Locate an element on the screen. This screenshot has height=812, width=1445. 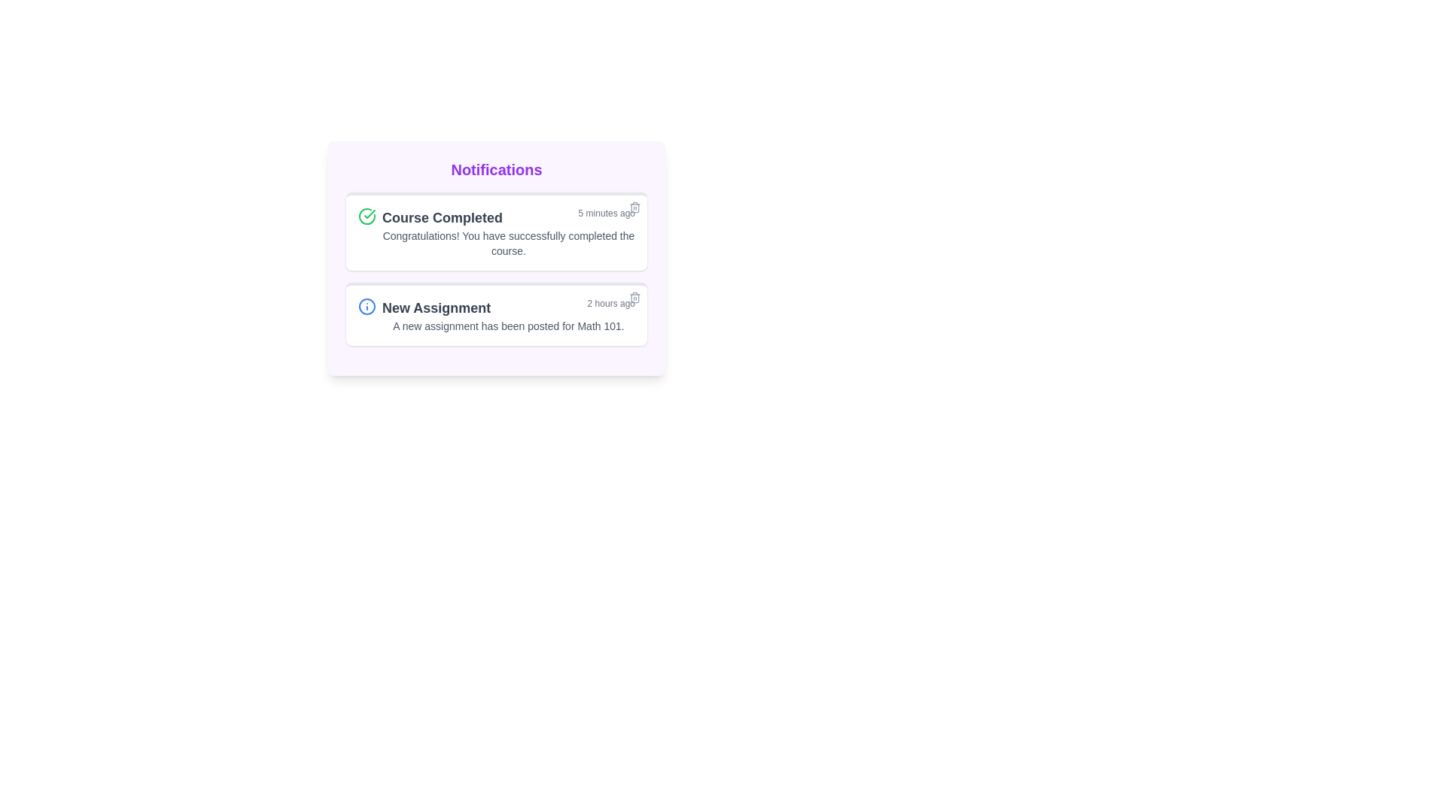
the second notification card which displays 'New Assignment' in bold gray font, located in the notification list section is located at coordinates (509, 315).